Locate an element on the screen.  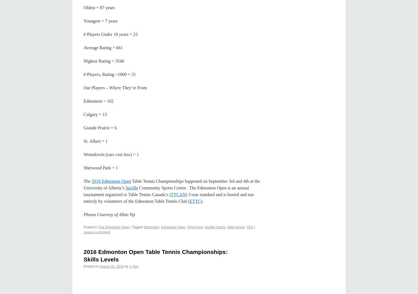
'table tennis' is located at coordinates (235, 227).